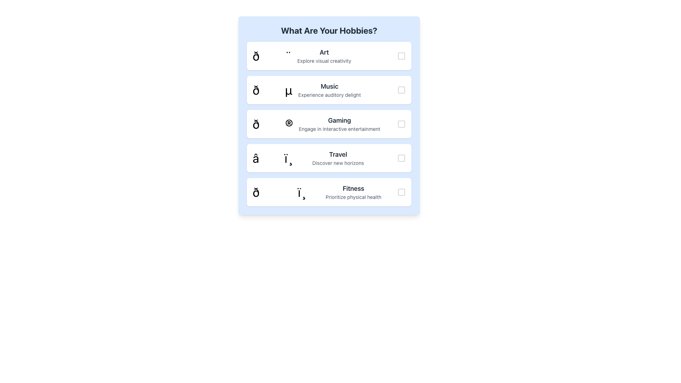 The height and width of the screenshot is (383, 681). What do you see at coordinates (324, 61) in the screenshot?
I see `the descriptive subtitle element located below the 'Art' header, which provides additional information about the 'Art' section` at bounding box center [324, 61].